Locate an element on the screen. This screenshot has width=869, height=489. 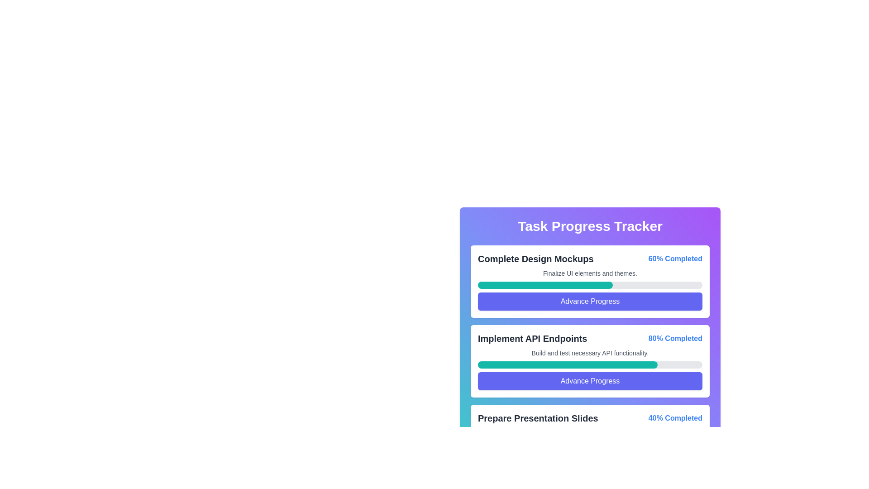
the static text displaying 'Build and test necessary API functionality.' which is located below the 'Implement API Endpoints' section header and above the progress bar is located at coordinates (590, 352).